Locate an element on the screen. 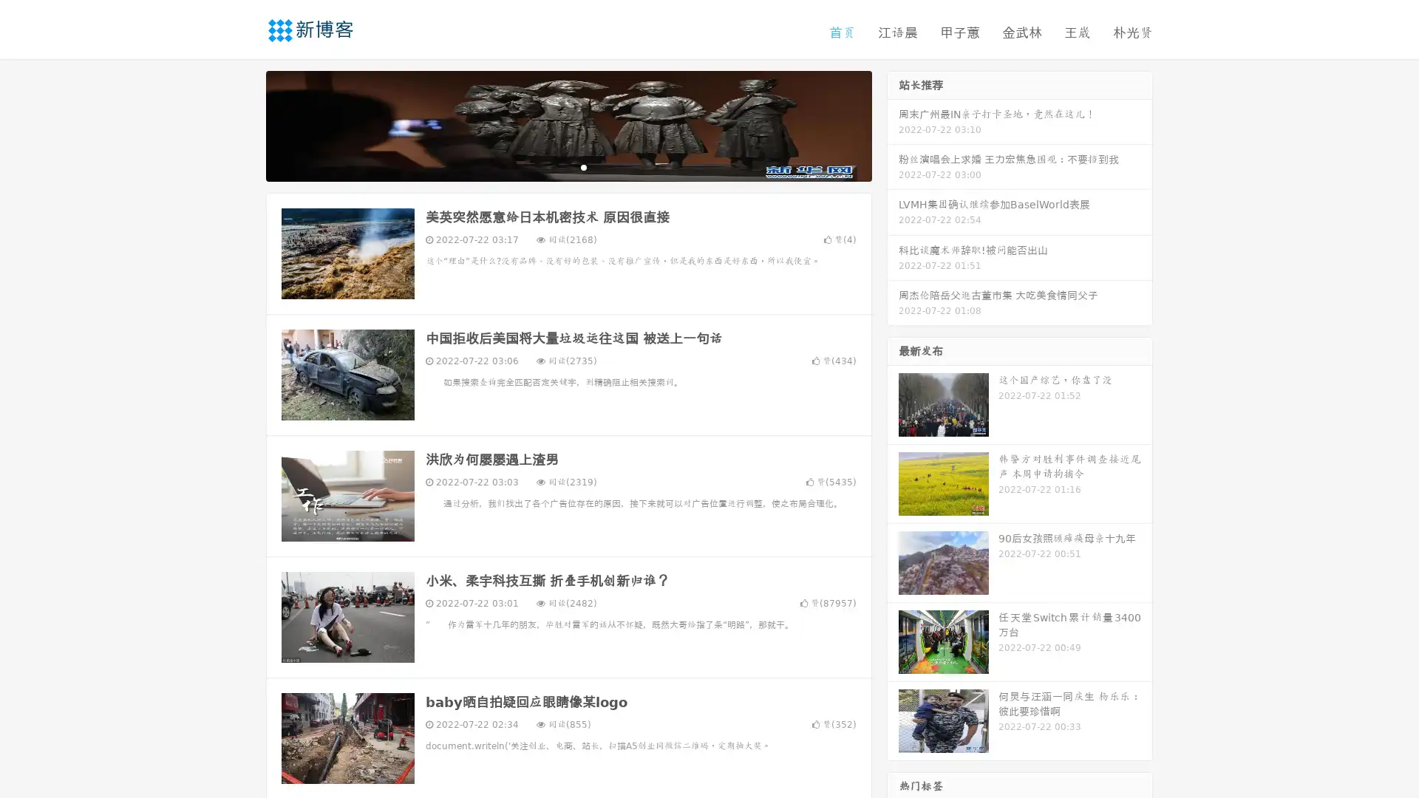  Go to slide 1 is located at coordinates (553, 166).